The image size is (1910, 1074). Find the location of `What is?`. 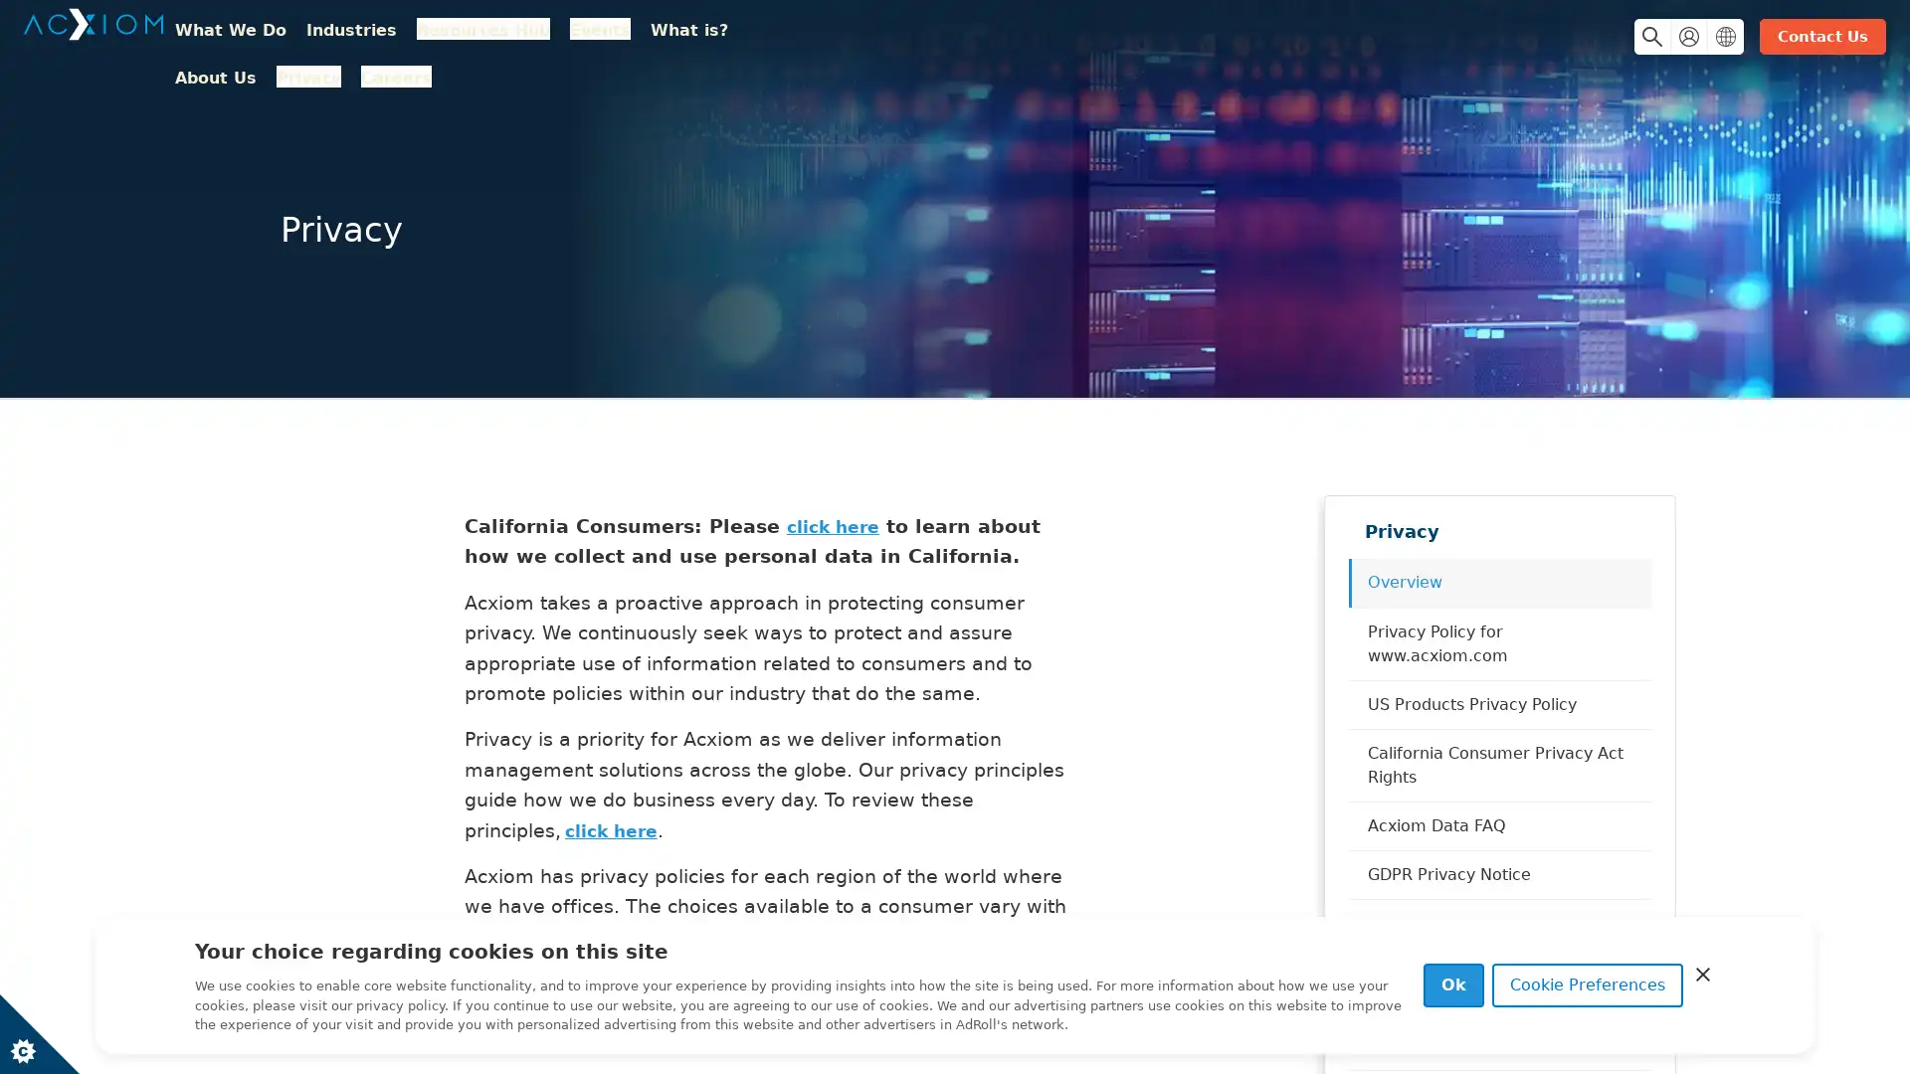

What is? is located at coordinates (716, 41).